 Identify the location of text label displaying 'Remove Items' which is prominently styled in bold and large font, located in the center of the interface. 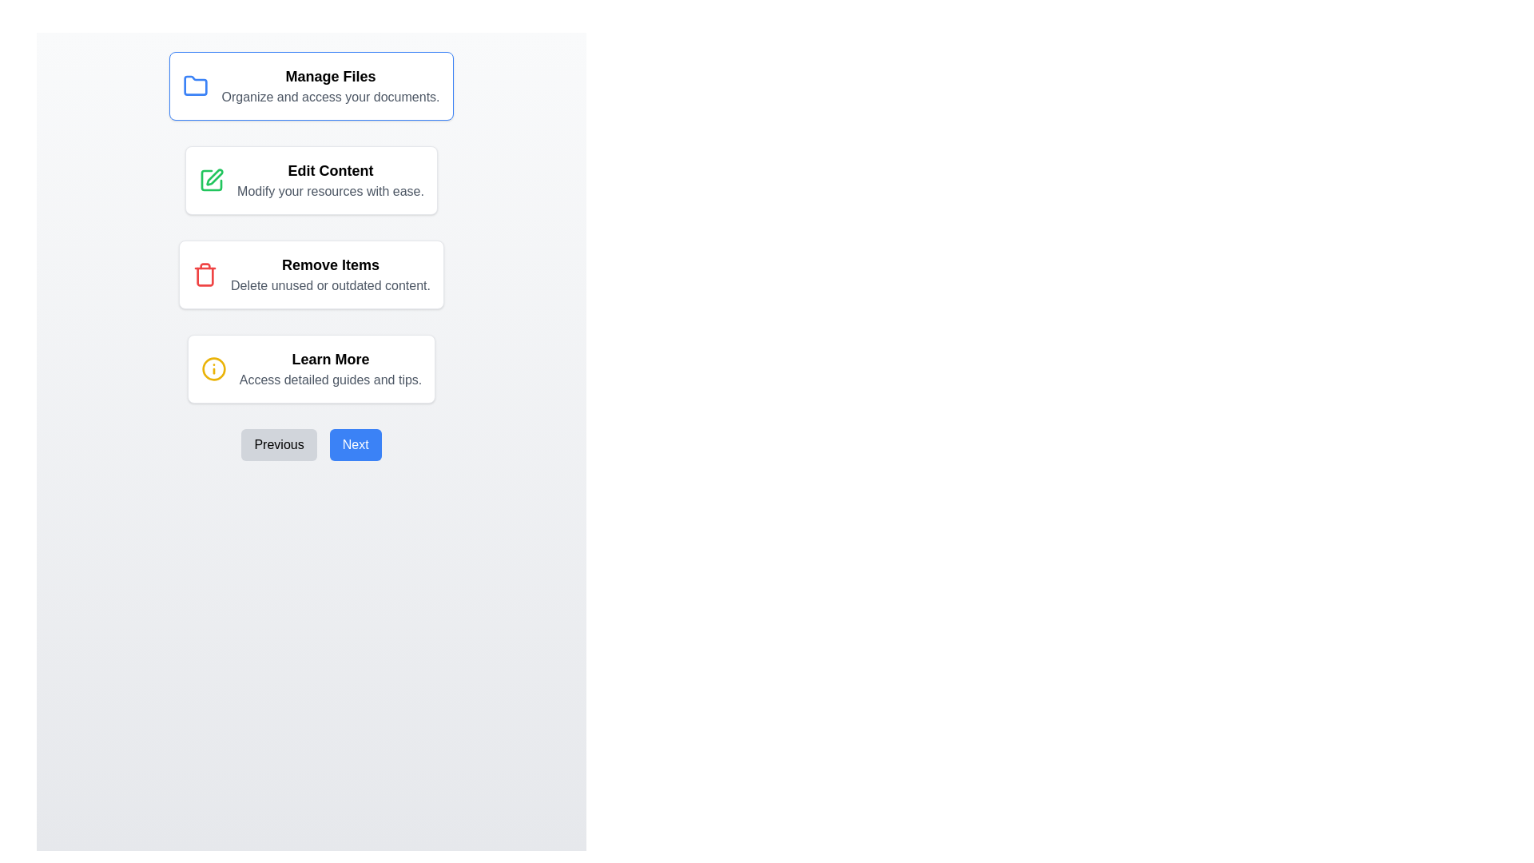
(329, 264).